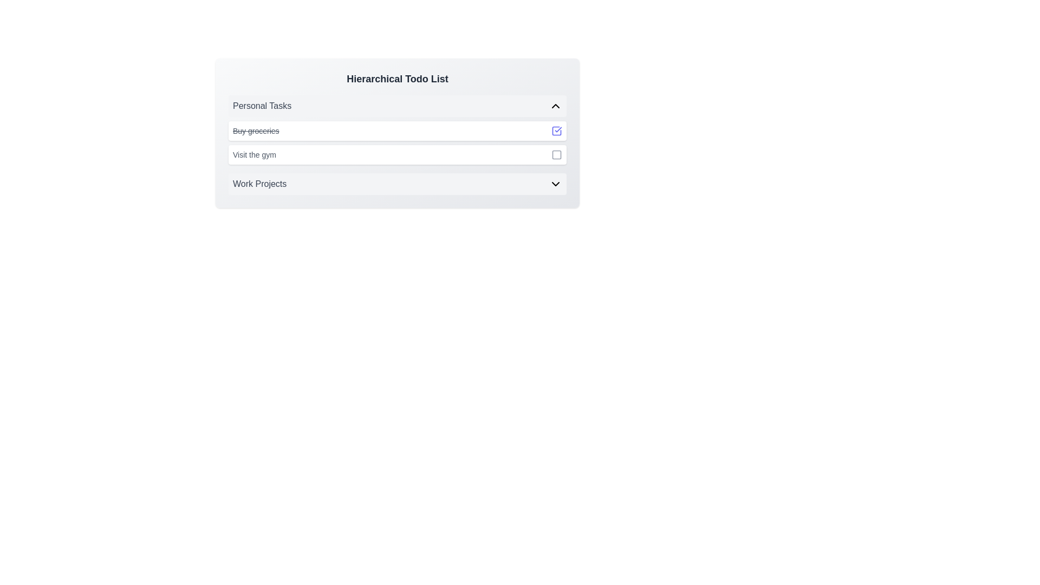 The height and width of the screenshot is (585, 1040). What do you see at coordinates (255, 131) in the screenshot?
I see `the static text element displaying 'Buy groceries' with a strikethrough, indicating a completed task in the to-do list` at bounding box center [255, 131].